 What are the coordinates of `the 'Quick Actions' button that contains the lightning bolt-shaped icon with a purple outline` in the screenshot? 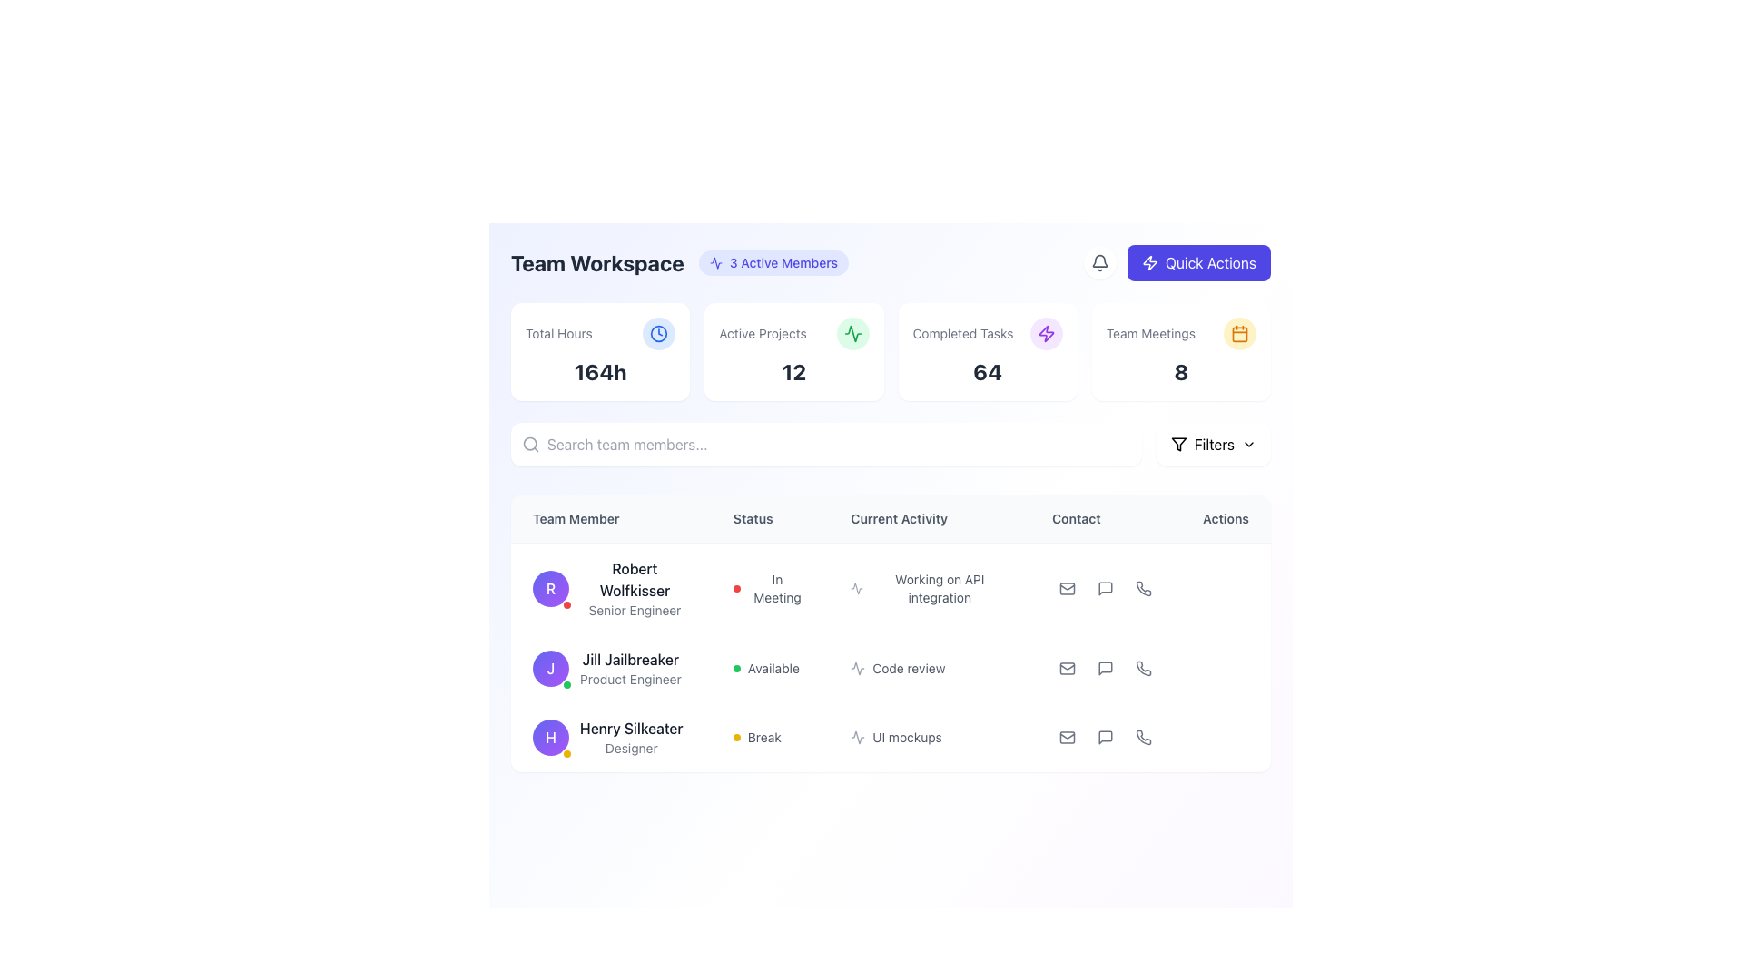 It's located at (1046, 333).